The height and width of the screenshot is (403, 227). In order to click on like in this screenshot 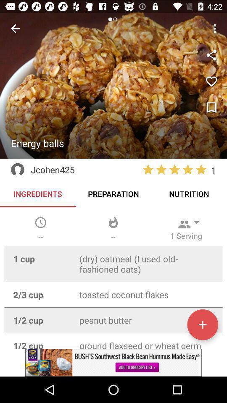, I will do `click(211, 81)`.